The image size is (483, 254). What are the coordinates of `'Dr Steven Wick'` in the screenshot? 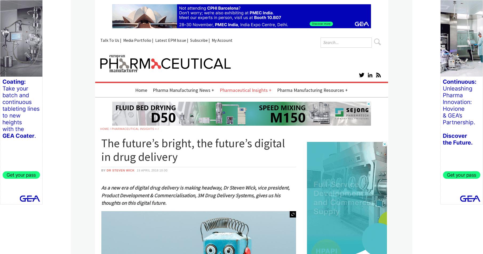 It's located at (120, 170).